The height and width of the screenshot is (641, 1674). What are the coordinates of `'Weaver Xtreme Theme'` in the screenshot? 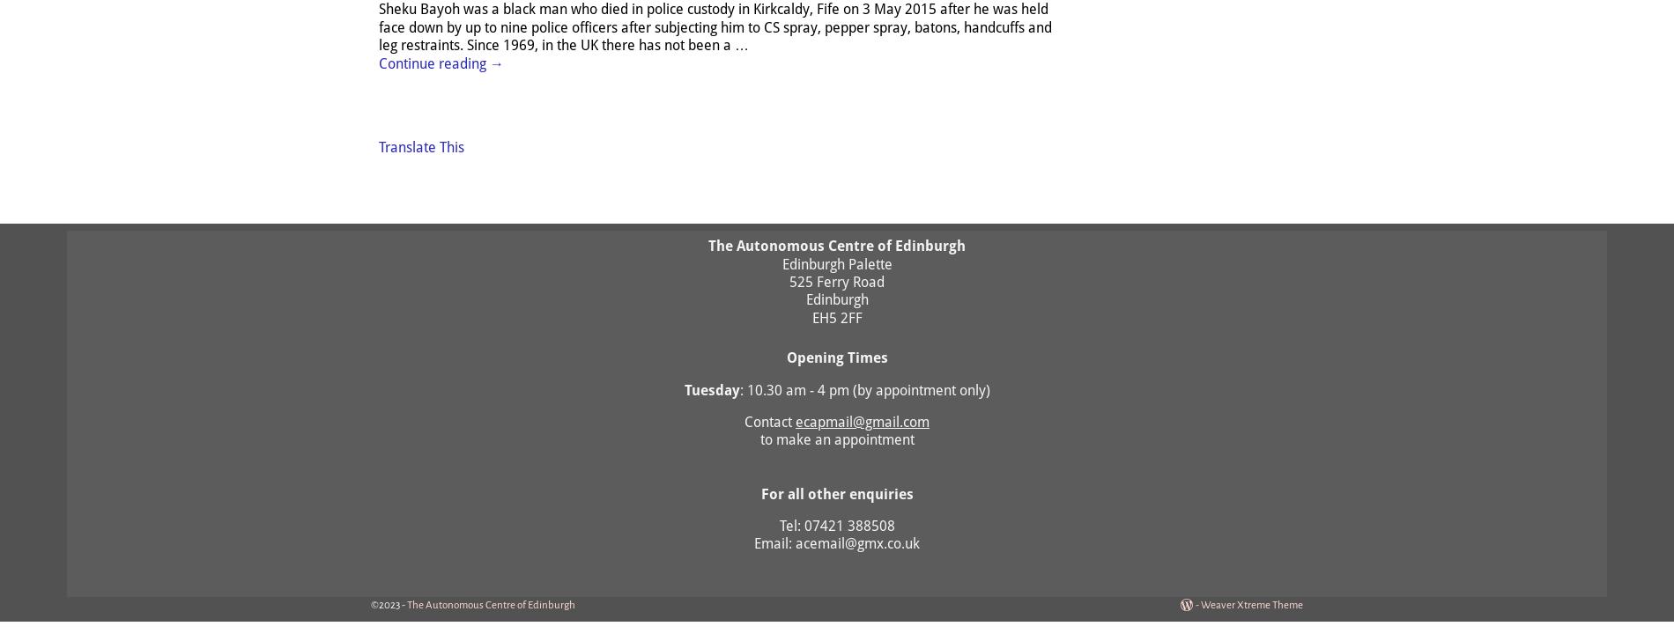 It's located at (1251, 604).